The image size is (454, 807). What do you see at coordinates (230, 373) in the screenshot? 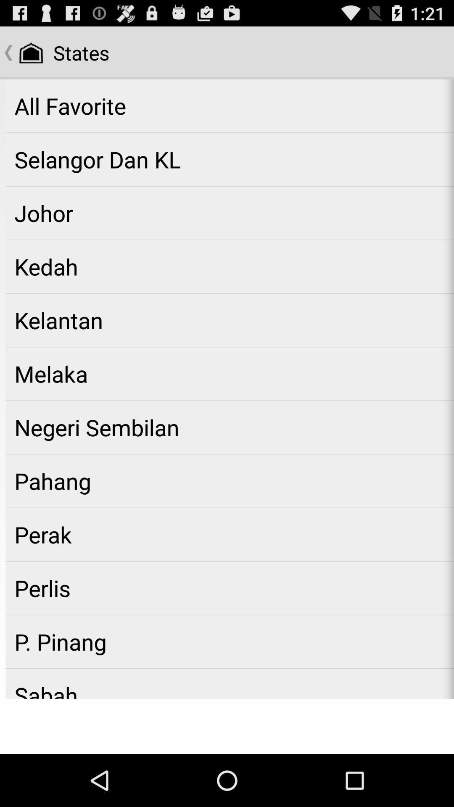
I see `the item below the kelantan` at bounding box center [230, 373].